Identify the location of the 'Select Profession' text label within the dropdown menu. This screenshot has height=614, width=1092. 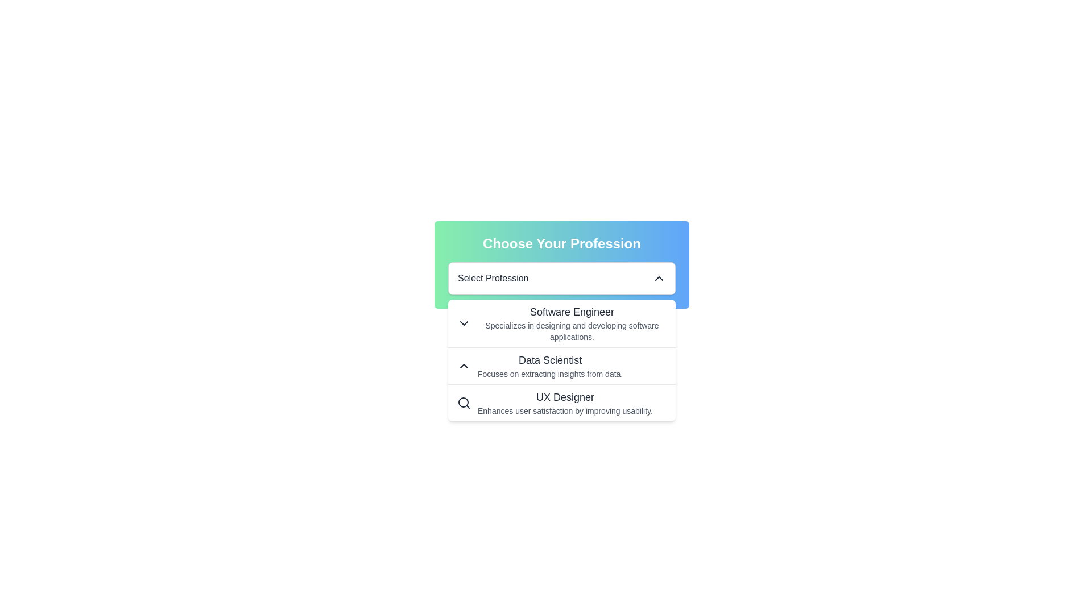
(493, 278).